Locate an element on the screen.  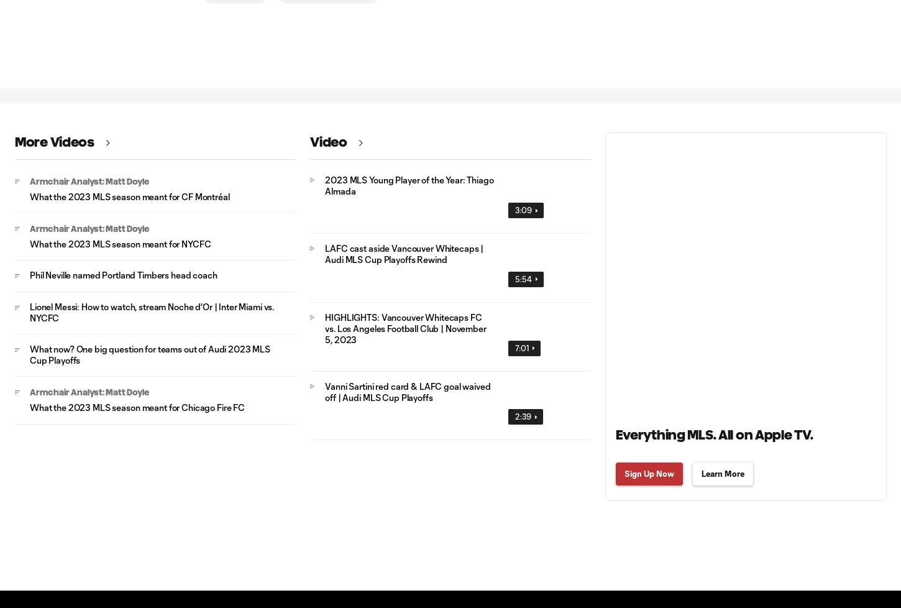
'2:39' is located at coordinates (522, 417).